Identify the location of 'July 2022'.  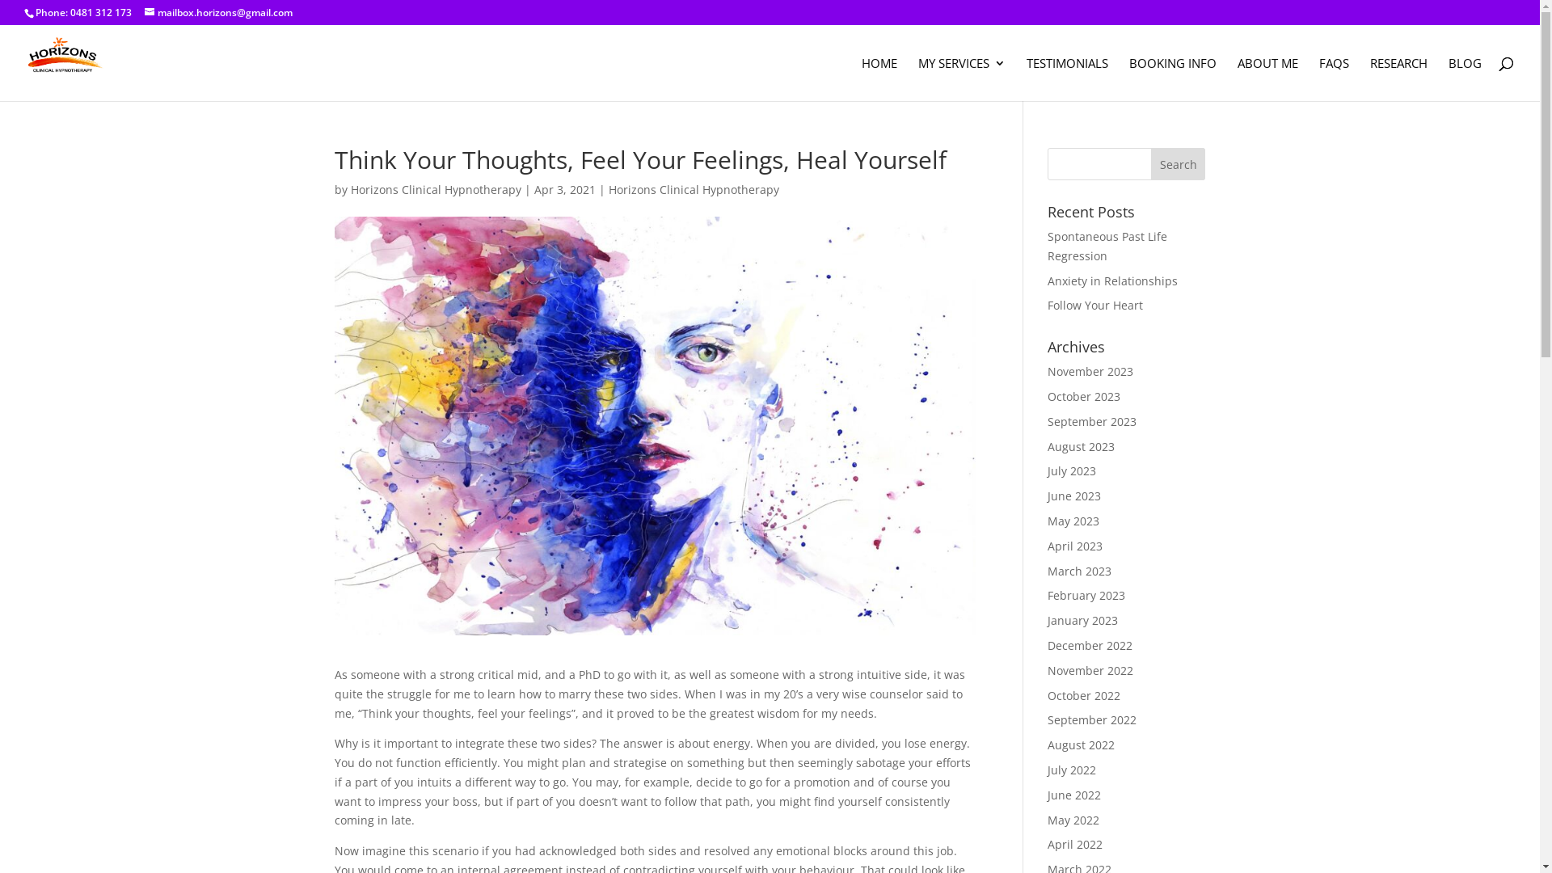
(1071, 769).